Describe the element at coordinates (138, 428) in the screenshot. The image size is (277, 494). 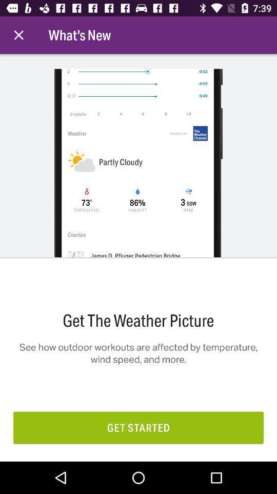
I see `icon below the see how outdoor item` at that location.